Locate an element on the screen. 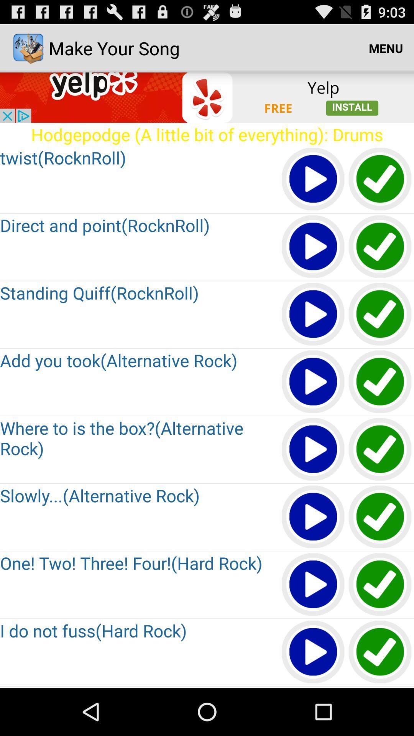 This screenshot has width=414, height=736. all is located at coordinates (313, 247).